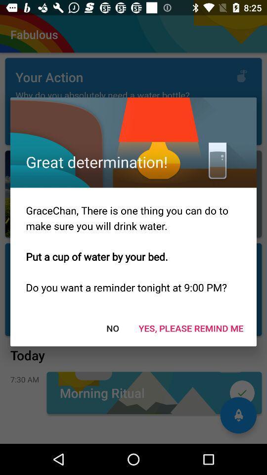 Image resolution: width=267 pixels, height=475 pixels. I want to click on yes please remind item, so click(191, 328).